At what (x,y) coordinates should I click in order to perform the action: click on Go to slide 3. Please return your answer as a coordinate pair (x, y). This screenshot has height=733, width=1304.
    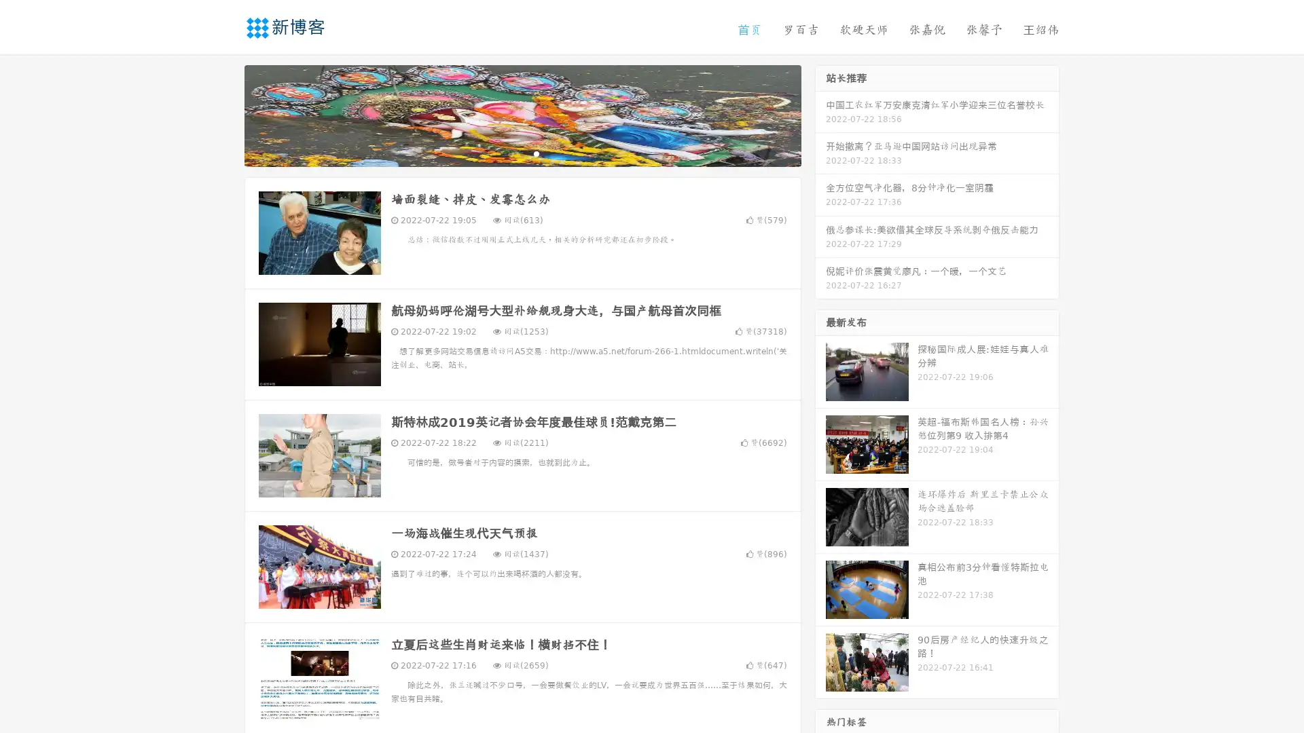
    Looking at the image, I should click on (536, 153).